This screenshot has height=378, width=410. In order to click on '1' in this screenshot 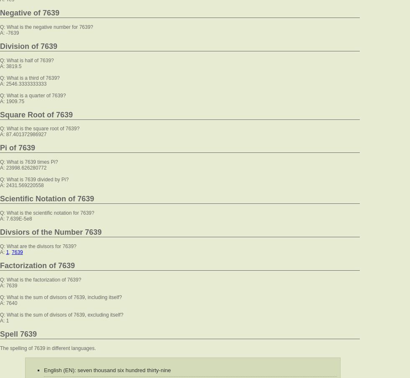, I will do `click(7, 252)`.